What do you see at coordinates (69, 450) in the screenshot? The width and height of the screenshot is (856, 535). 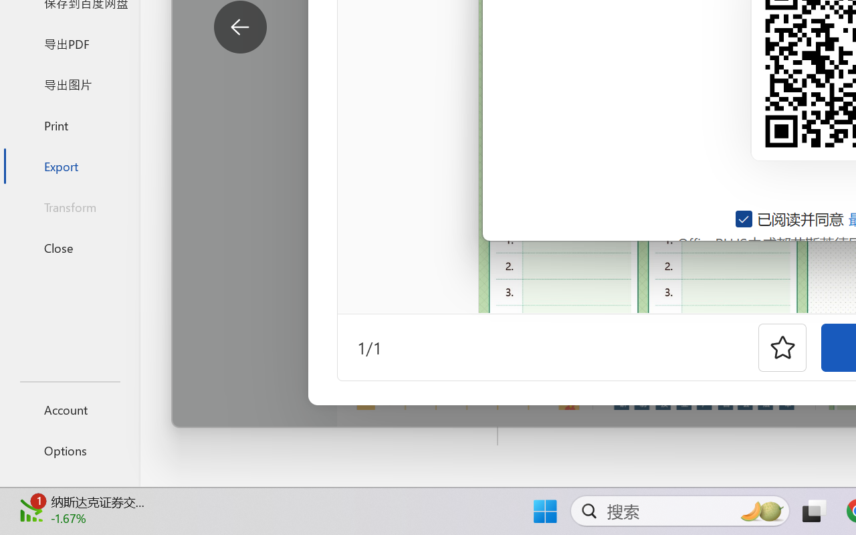 I see `'Options'` at bounding box center [69, 450].